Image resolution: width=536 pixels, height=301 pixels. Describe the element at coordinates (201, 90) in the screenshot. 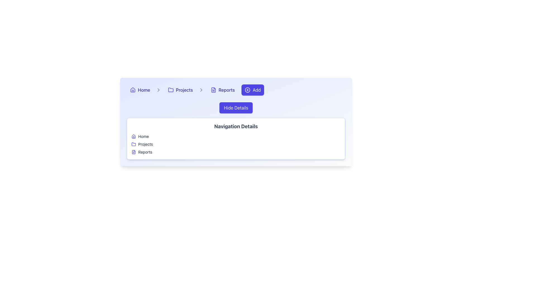

I see `the Icon in the navigation bar that indicates continuation or progression in the navigation hierarchy related to 'Projects'` at that location.